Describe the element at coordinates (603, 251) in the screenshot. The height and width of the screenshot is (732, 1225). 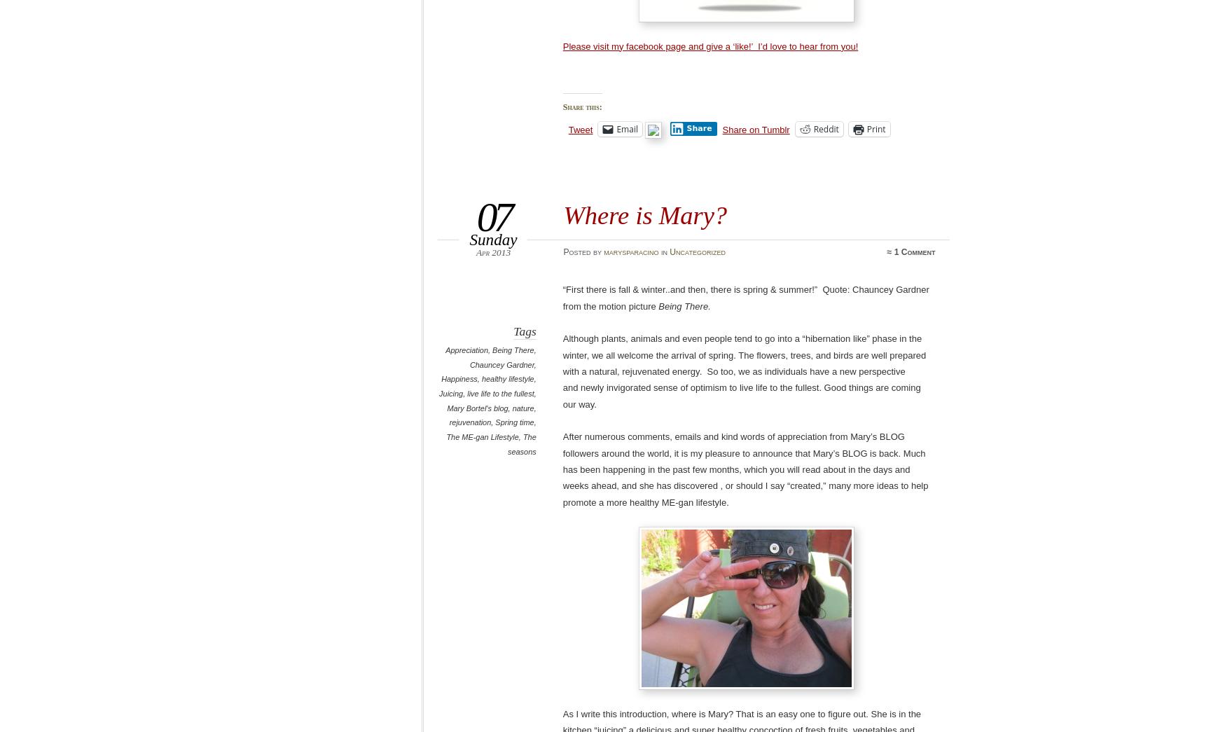
I see `'marysparacino'` at that location.